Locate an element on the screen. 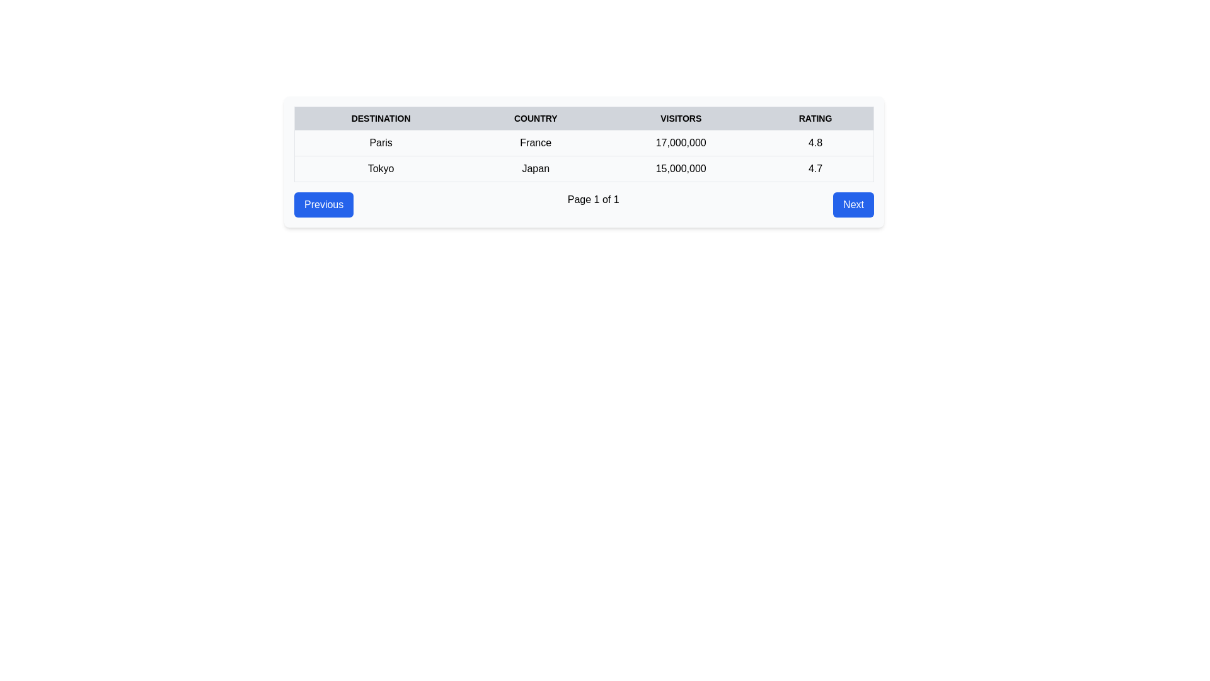 The height and width of the screenshot is (681, 1210). the 'Country' column header in the table, which is the second column located between 'Destination' and 'Visitors' is located at coordinates (536, 119).